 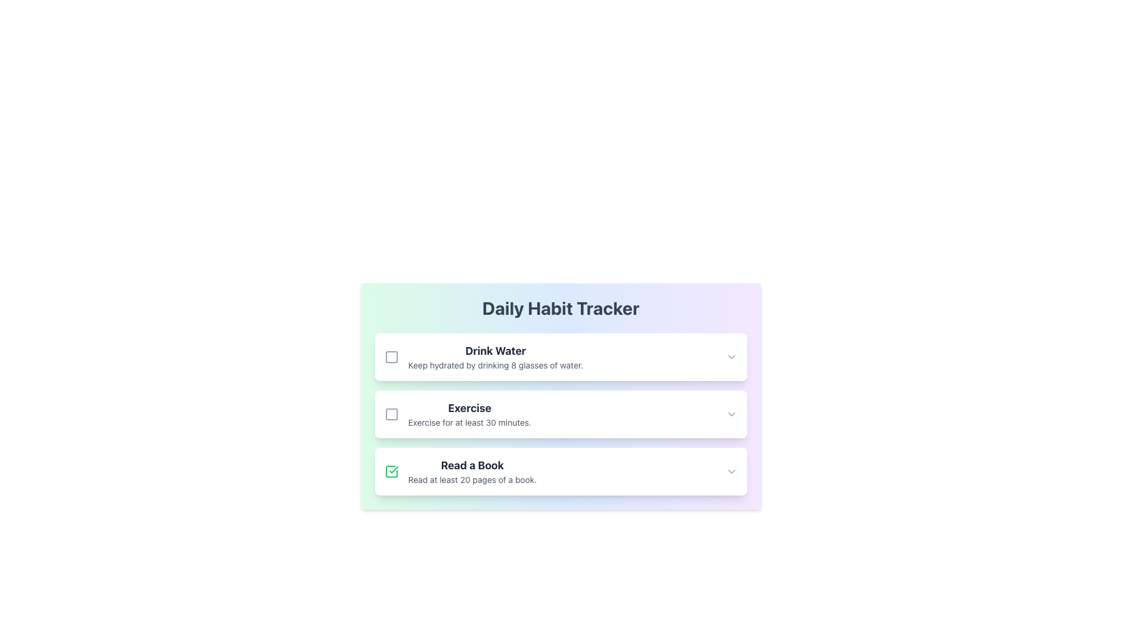 I want to click on the gray square icon with a thin border located on the left side of the 'Drink Water' habit description in the habit tracking card, so click(x=391, y=356).